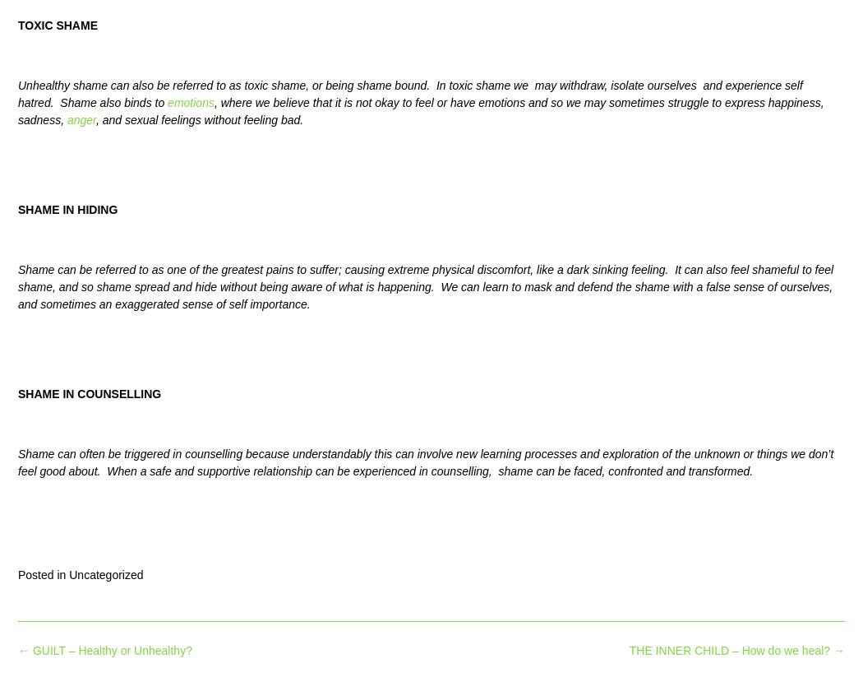  I want to click on 'anger', so click(66, 119).